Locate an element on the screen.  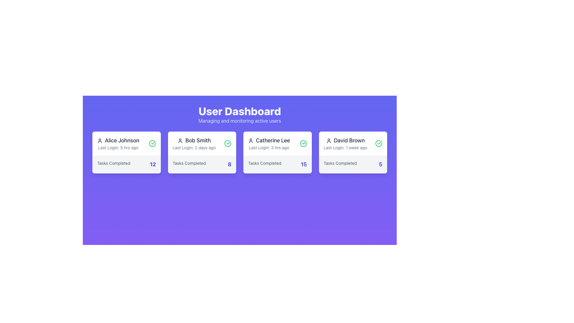
the user icon representing the profile of 'Catherine Lee', located to the left of the text within the card is located at coordinates (251, 141).